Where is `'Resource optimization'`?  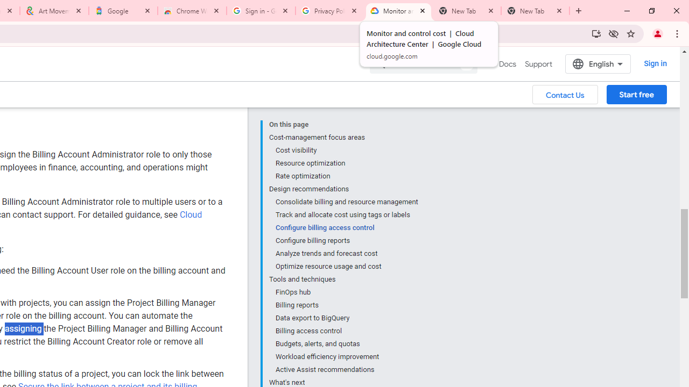
'Resource optimization' is located at coordinates (346, 163).